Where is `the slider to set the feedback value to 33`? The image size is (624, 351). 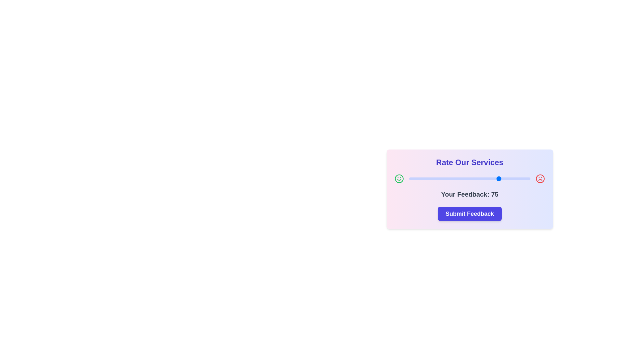
the slider to set the feedback value to 33 is located at coordinates (449, 179).